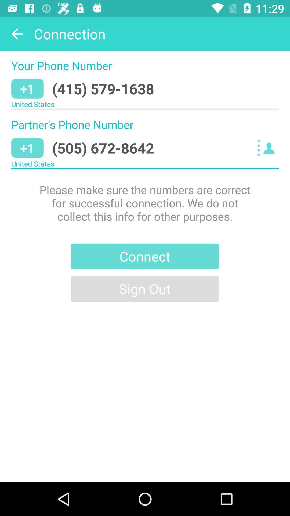 The height and width of the screenshot is (516, 290). Describe the element at coordinates (103, 148) in the screenshot. I see `the (505) 672-8642 item` at that location.